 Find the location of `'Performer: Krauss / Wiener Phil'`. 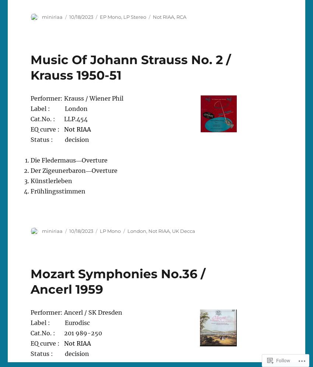

'Performer: Krauss / Wiener Phil' is located at coordinates (77, 98).